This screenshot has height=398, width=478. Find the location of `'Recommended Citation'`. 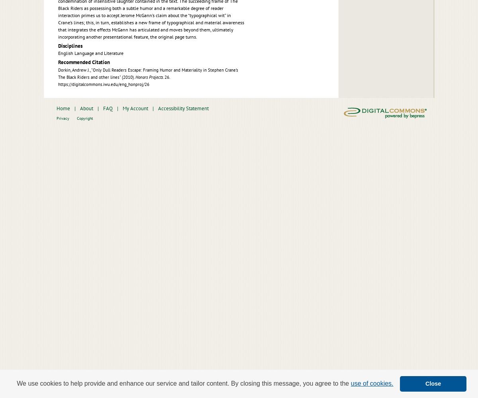

'Recommended Citation' is located at coordinates (58, 62).